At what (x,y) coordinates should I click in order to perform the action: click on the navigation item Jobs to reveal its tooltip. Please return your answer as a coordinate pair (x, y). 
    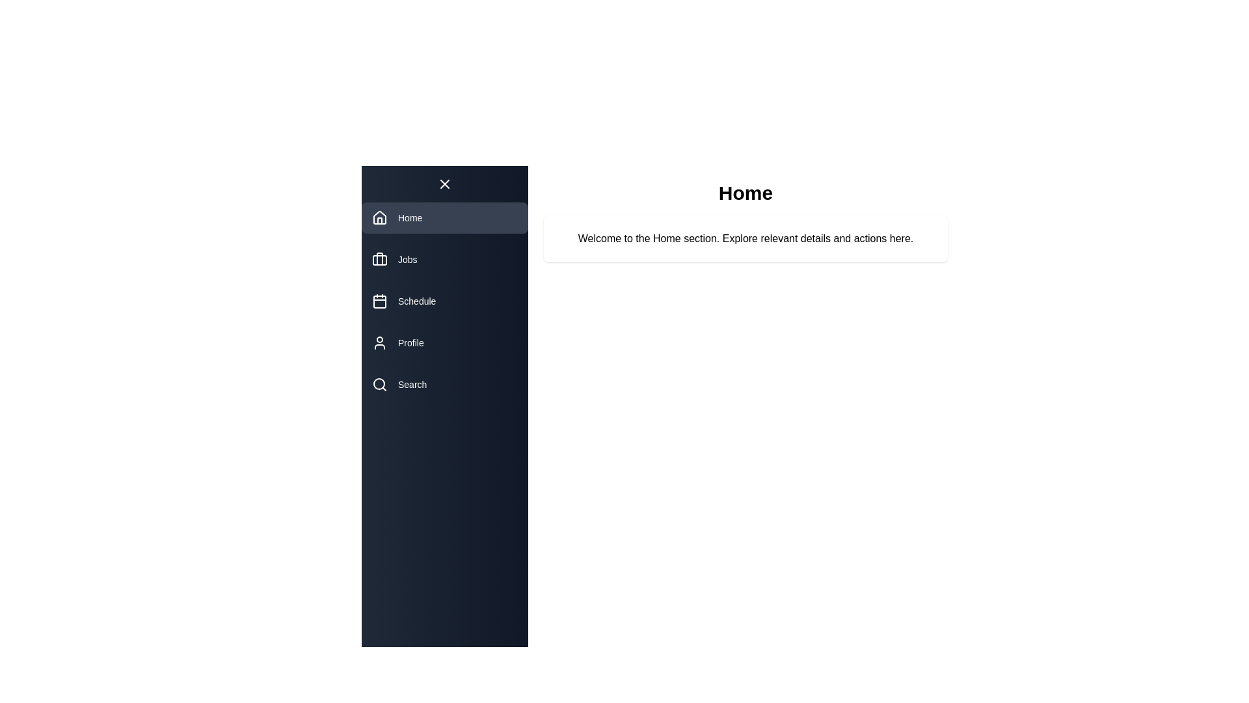
    Looking at the image, I should click on (445, 259).